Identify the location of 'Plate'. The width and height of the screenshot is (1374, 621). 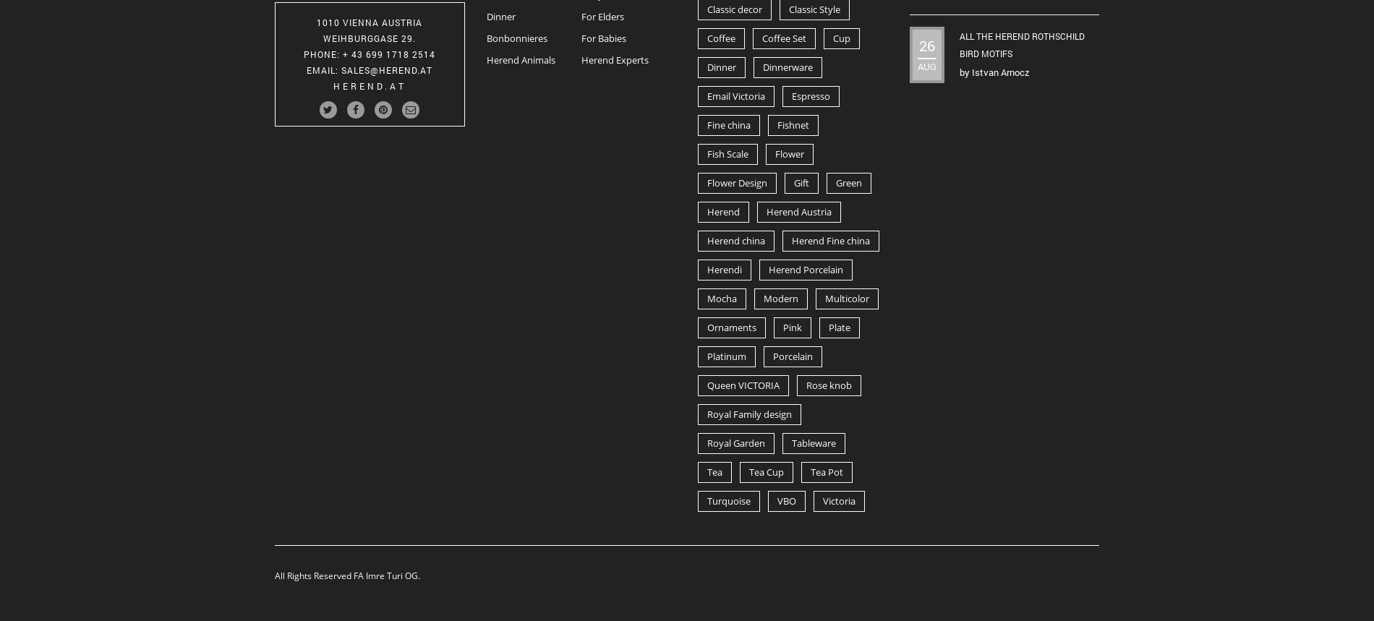
(840, 327).